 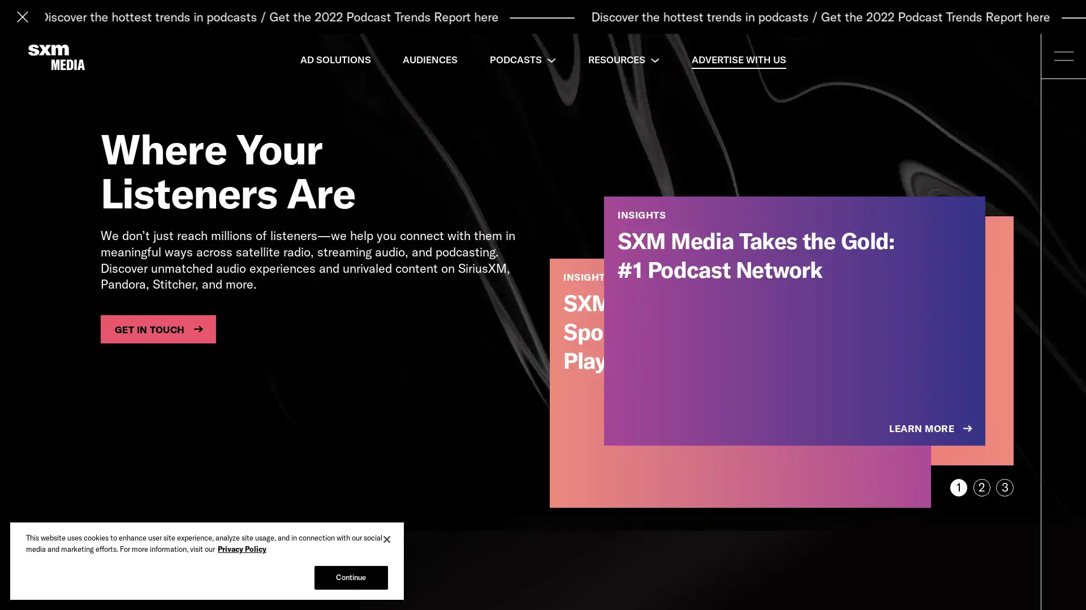 What do you see at coordinates (157, 329) in the screenshot?
I see `GET IN TOUCH` at bounding box center [157, 329].